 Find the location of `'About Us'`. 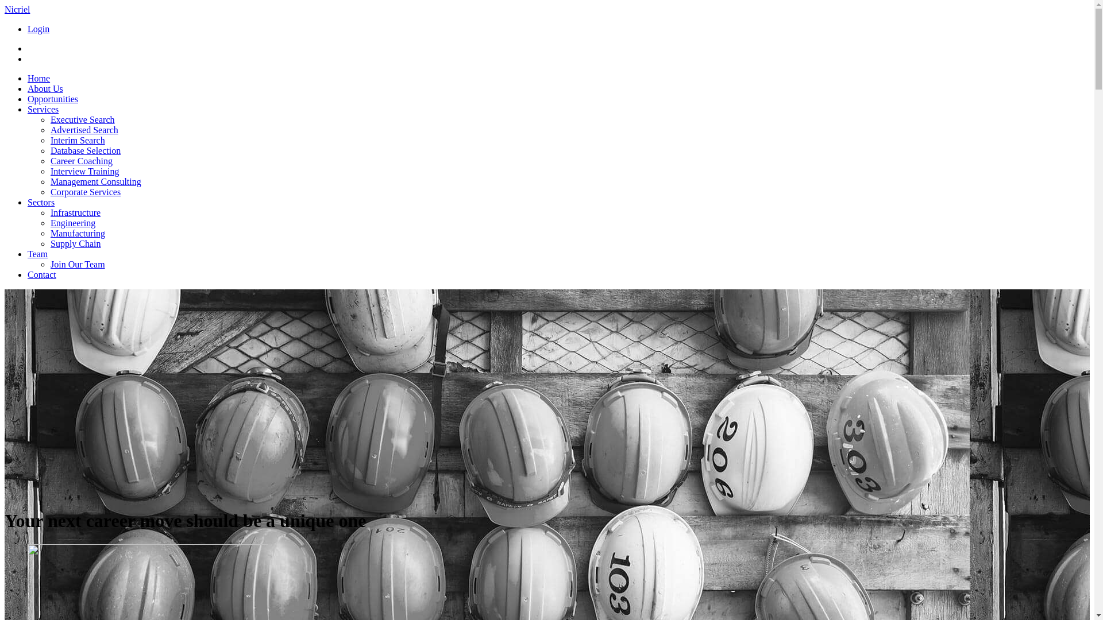

'About Us' is located at coordinates (45, 88).